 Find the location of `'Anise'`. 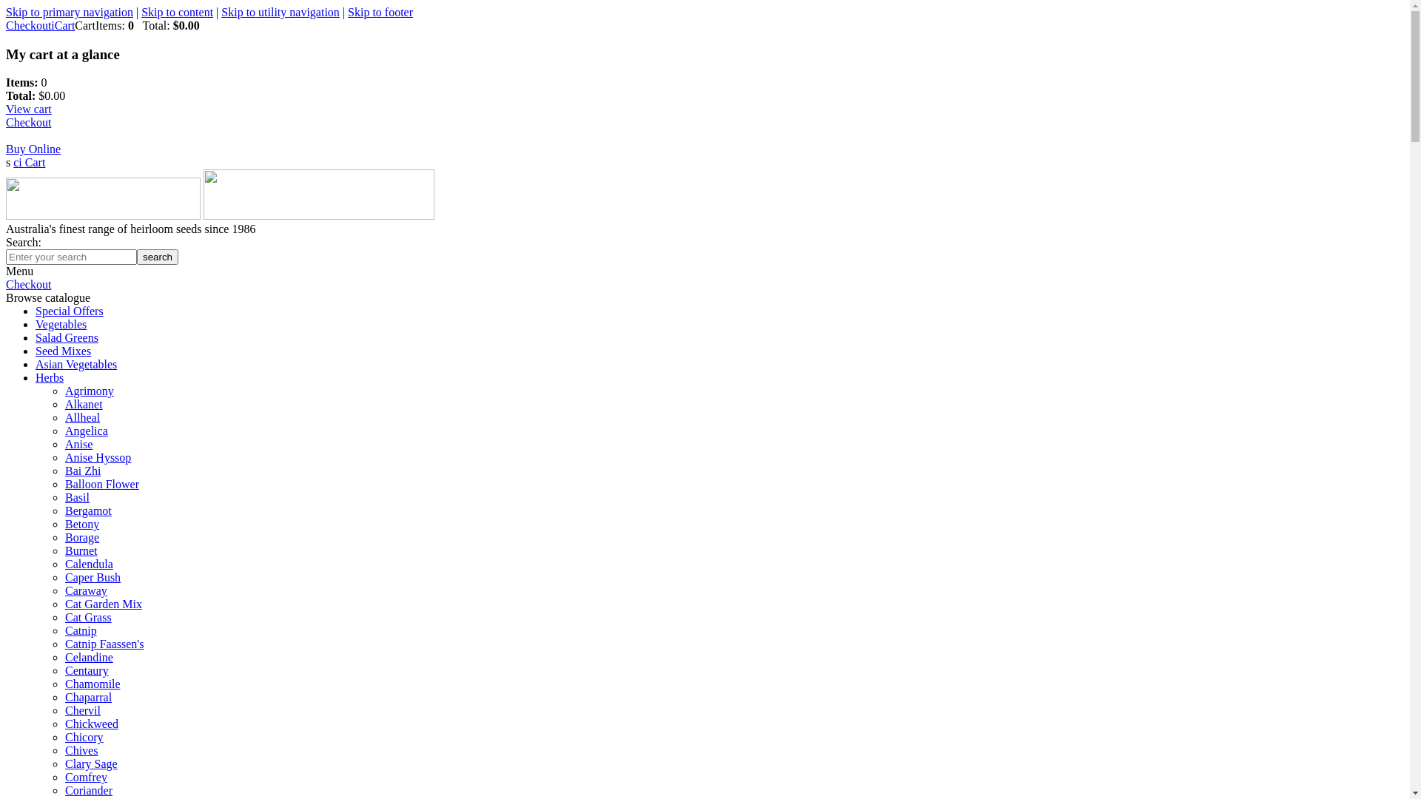

'Anise' is located at coordinates (78, 443).